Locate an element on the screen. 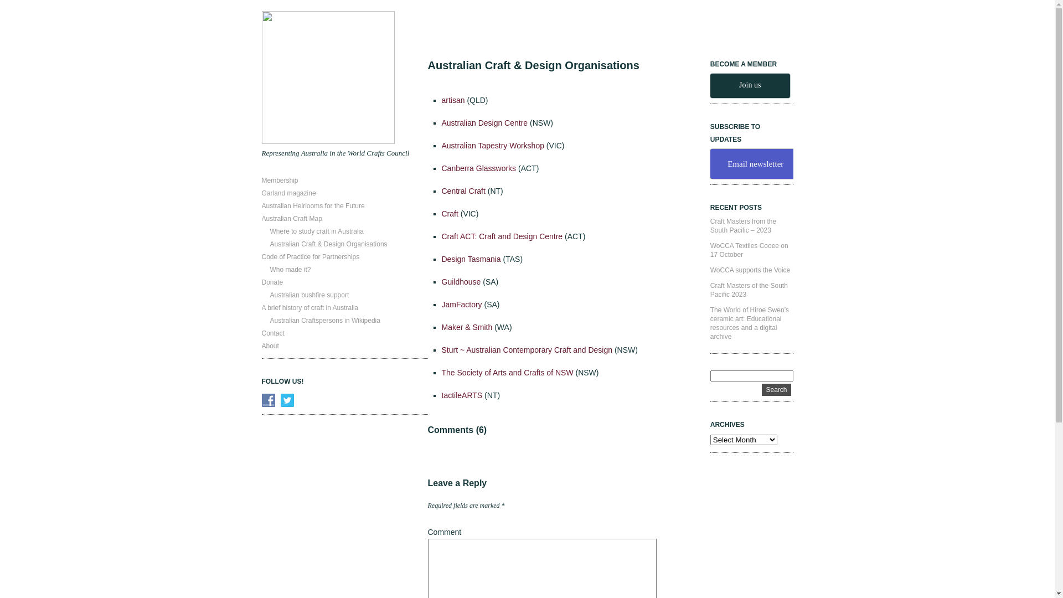 Image resolution: width=1063 pixels, height=598 pixels. 'Membership' is located at coordinates (279, 180).